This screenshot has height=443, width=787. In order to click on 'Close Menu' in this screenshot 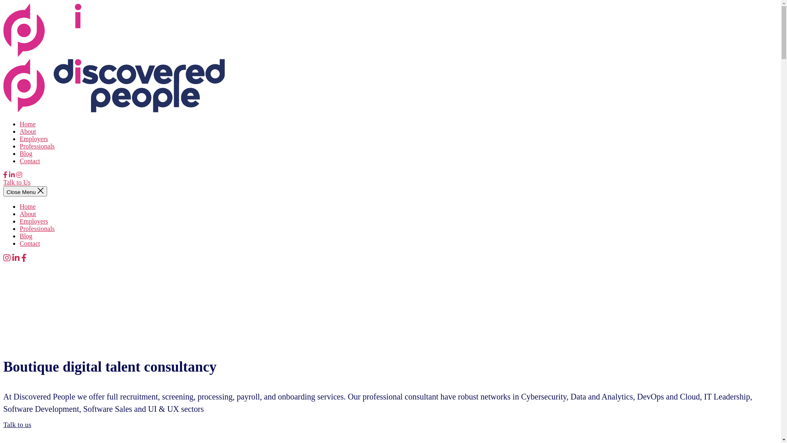, I will do `click(25, 191)`.